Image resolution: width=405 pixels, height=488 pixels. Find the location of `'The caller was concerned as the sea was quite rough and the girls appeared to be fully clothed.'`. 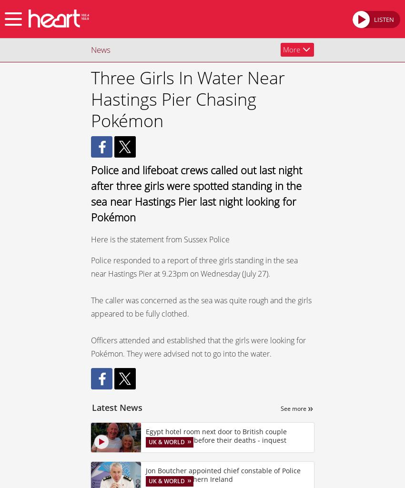

'The caller was concerned as the sea was quite rough and the girls appeared to be fully clothed.' is located at coordinates (201, 307).